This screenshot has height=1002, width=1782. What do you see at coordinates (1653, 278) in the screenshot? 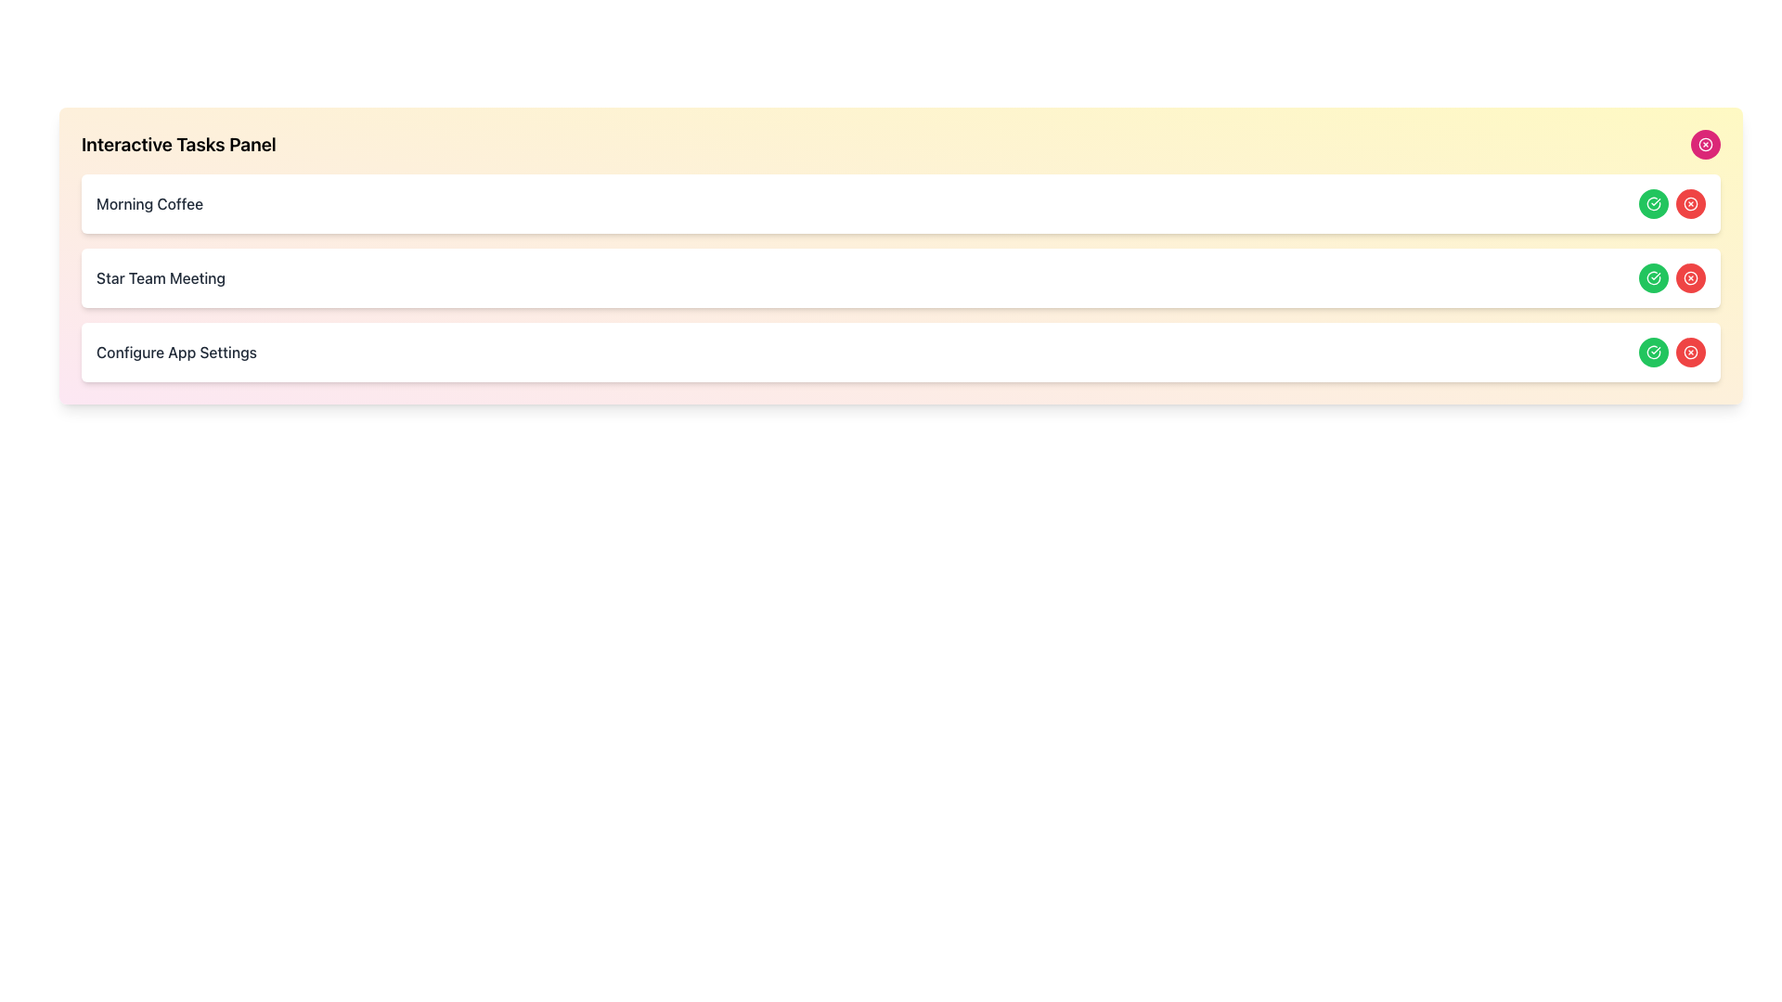
I see `the green circular button with a white checkmark located on the far right side of the item's action panel` at bounding box center [1653, 278].